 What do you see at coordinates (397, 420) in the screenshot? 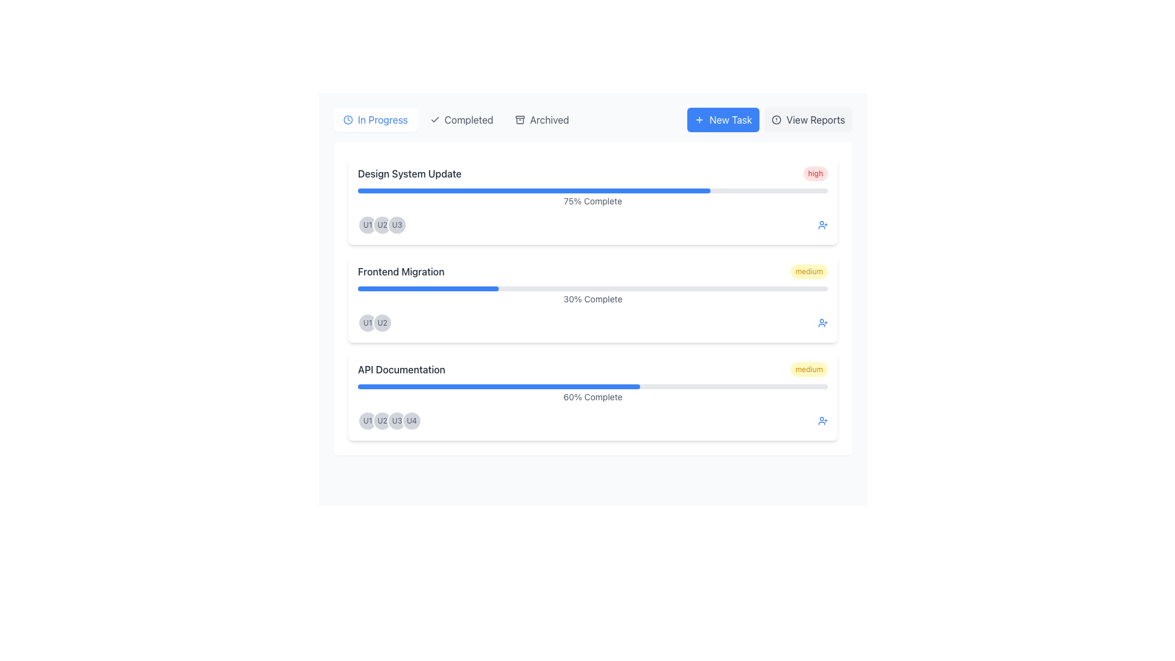
I see `the non-interactive label 'U3' that is centered within the third circular avatar below the 'Design System Update' progress bar` at bounding box center [397, 420].